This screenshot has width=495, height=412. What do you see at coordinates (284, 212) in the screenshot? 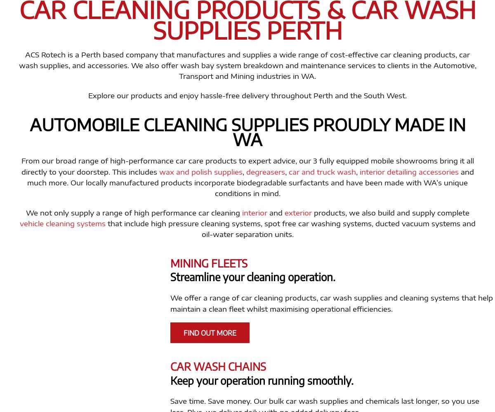
I see `'exterior'` at bounding box center [284, 212].